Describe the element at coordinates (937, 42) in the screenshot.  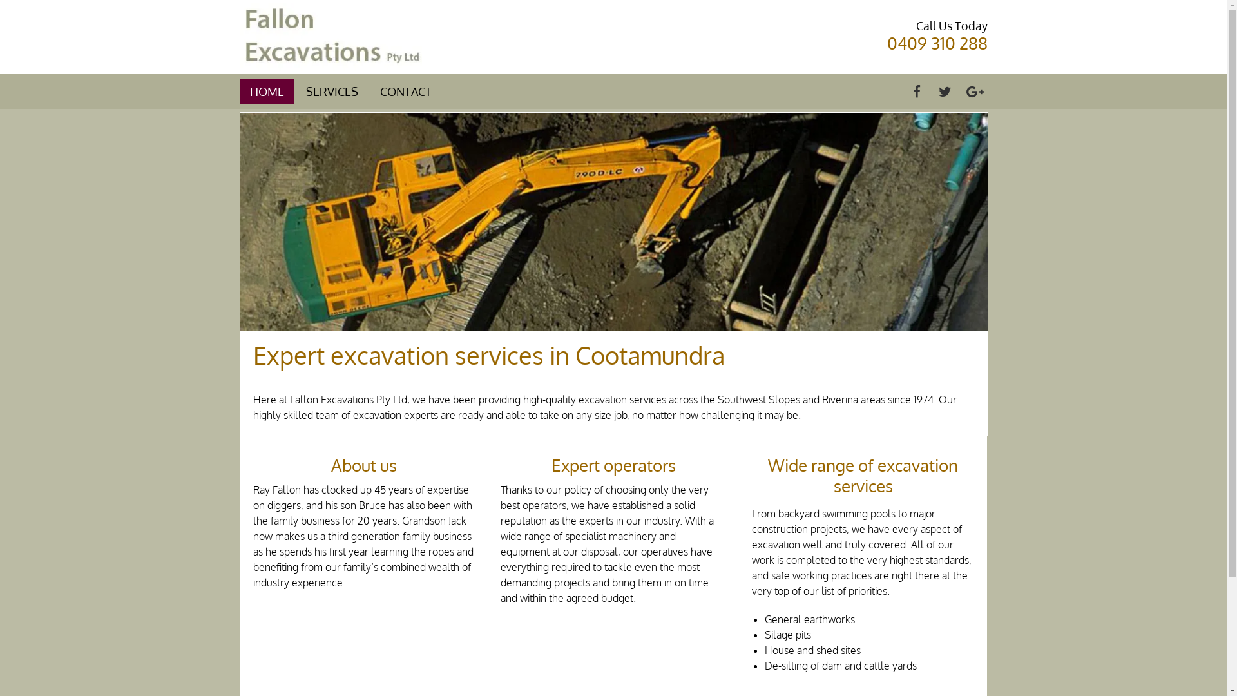
I see `'0409 310 288'` at that location.